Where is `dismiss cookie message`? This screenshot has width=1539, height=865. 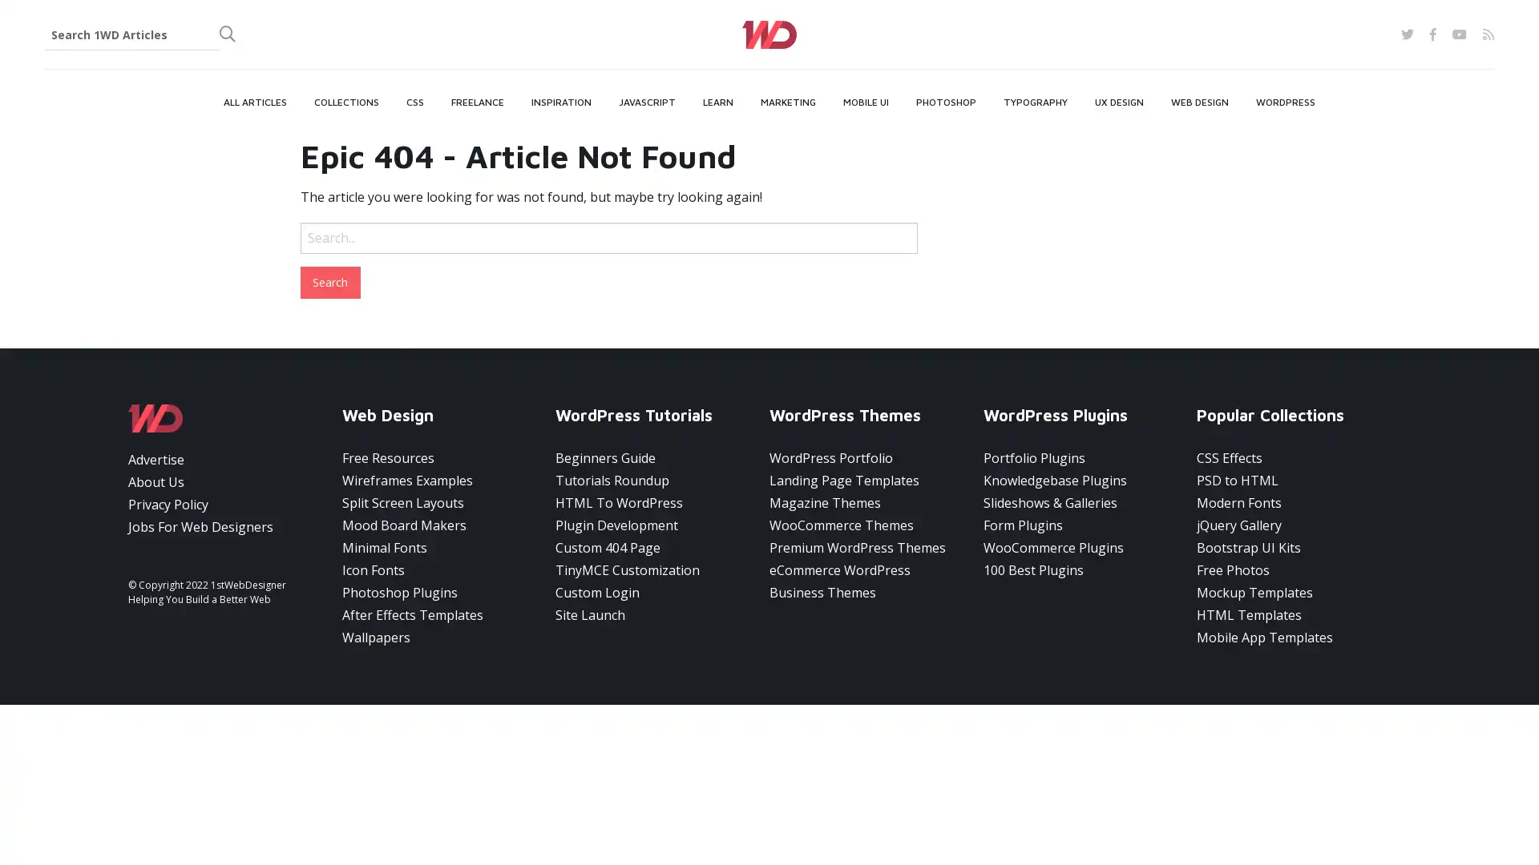 dismiss cookie message is located at coordinates (371, 799).